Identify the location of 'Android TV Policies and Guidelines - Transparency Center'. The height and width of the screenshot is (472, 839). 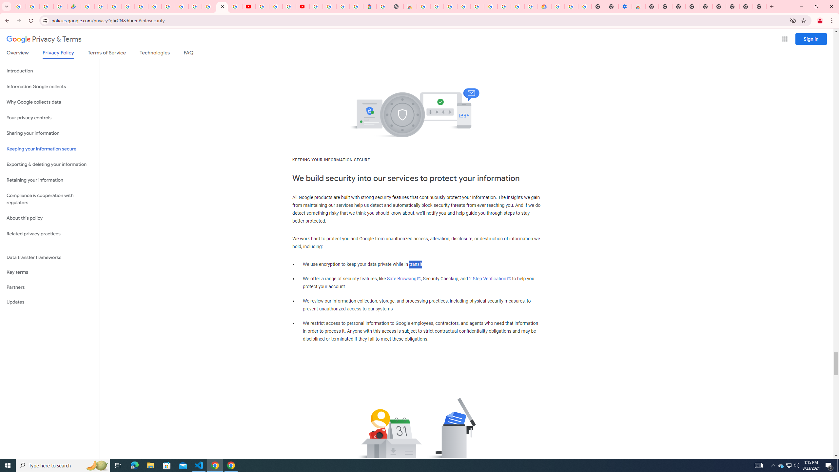
(168, 6).